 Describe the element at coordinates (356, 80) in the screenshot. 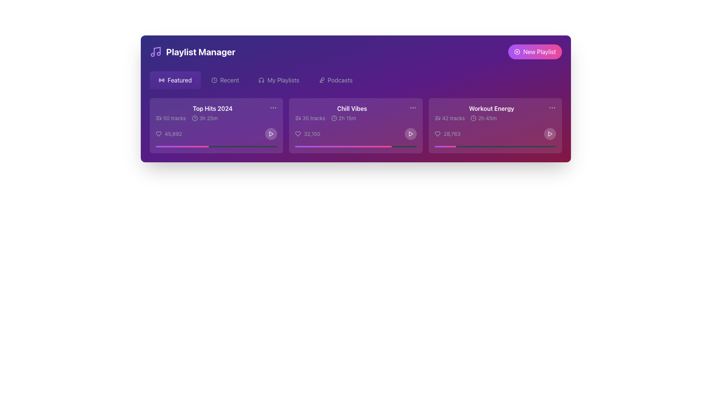

I see `the Tabs or Navigation Bar located below the 'Playlist Manager' headline` at that location.